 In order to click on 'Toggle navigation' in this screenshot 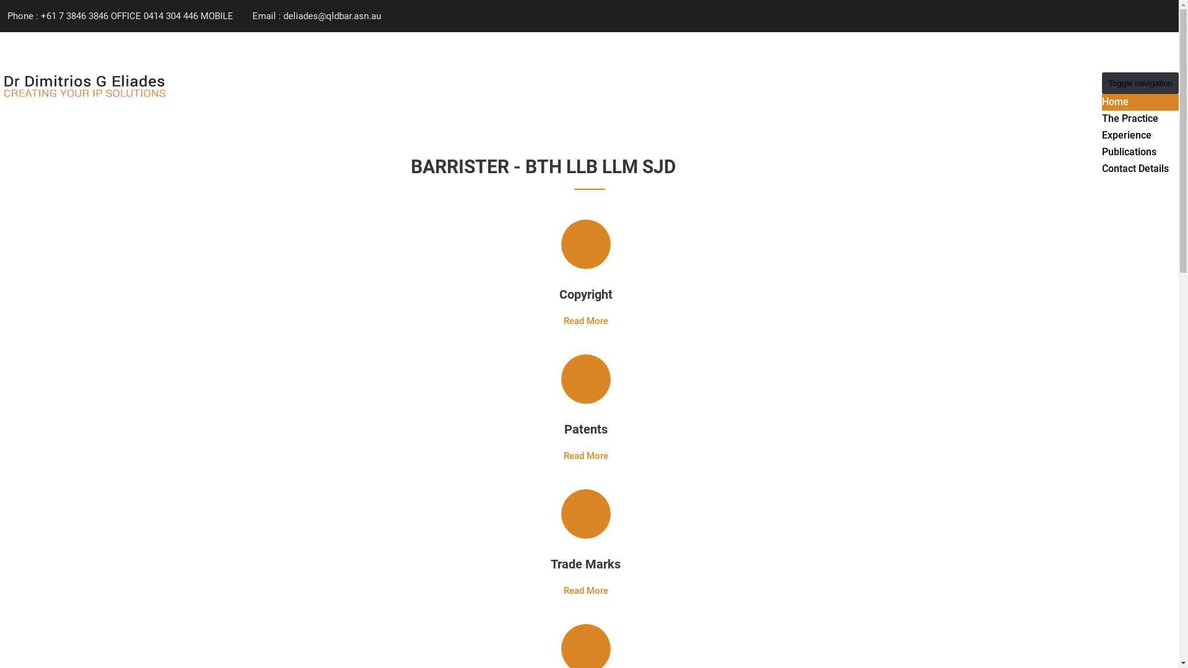, I will do `click(1140, 83)`.